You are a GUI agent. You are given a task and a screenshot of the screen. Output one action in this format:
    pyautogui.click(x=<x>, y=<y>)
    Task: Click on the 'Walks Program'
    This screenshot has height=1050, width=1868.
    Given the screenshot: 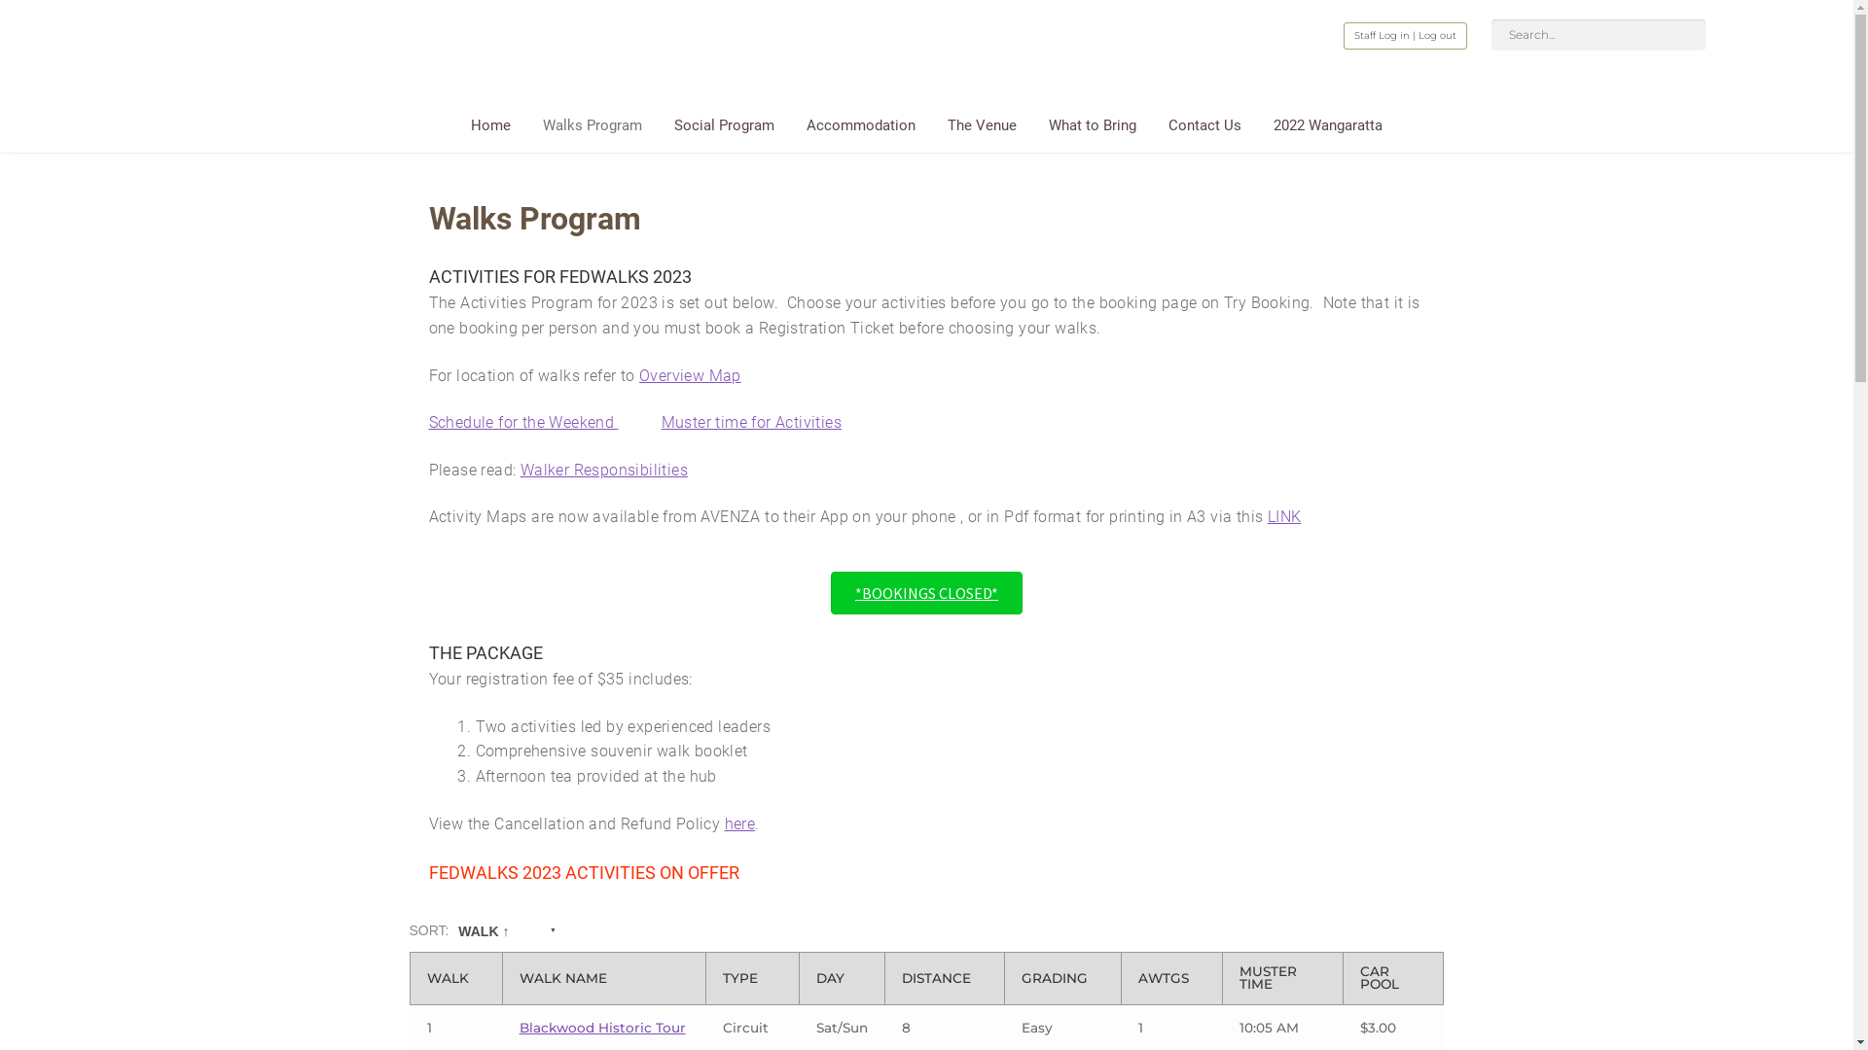 What is the action you would take?
    pyautogui.click(x=592, y=130)
    